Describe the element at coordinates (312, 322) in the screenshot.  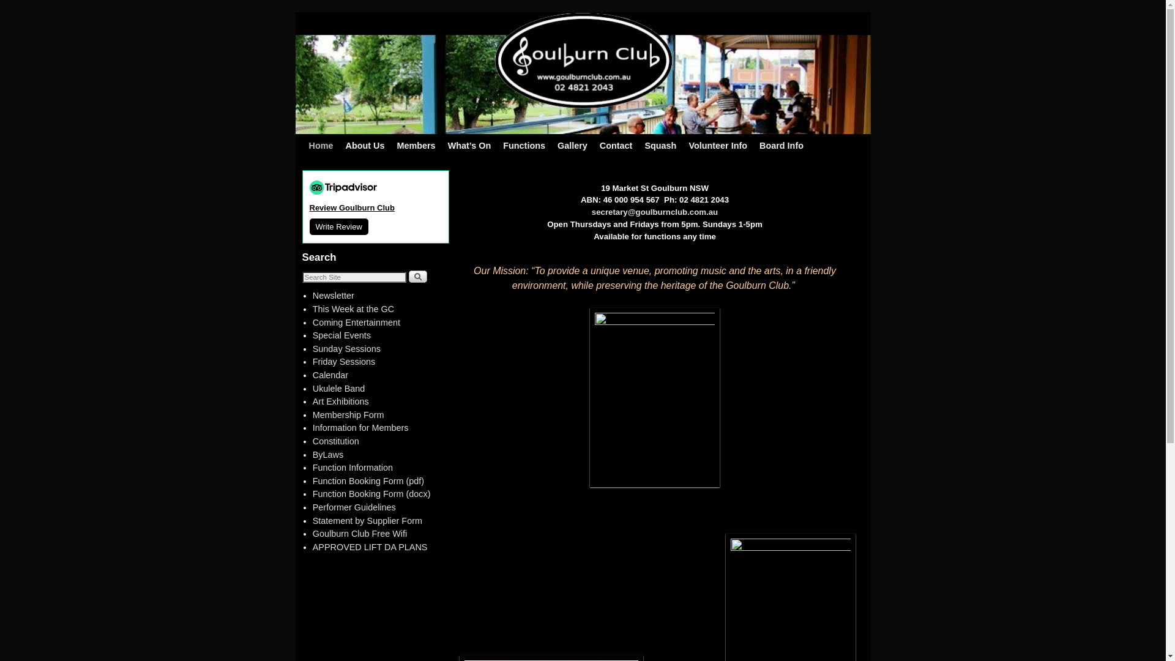
I see `'Coming Entertainment'` at that location.